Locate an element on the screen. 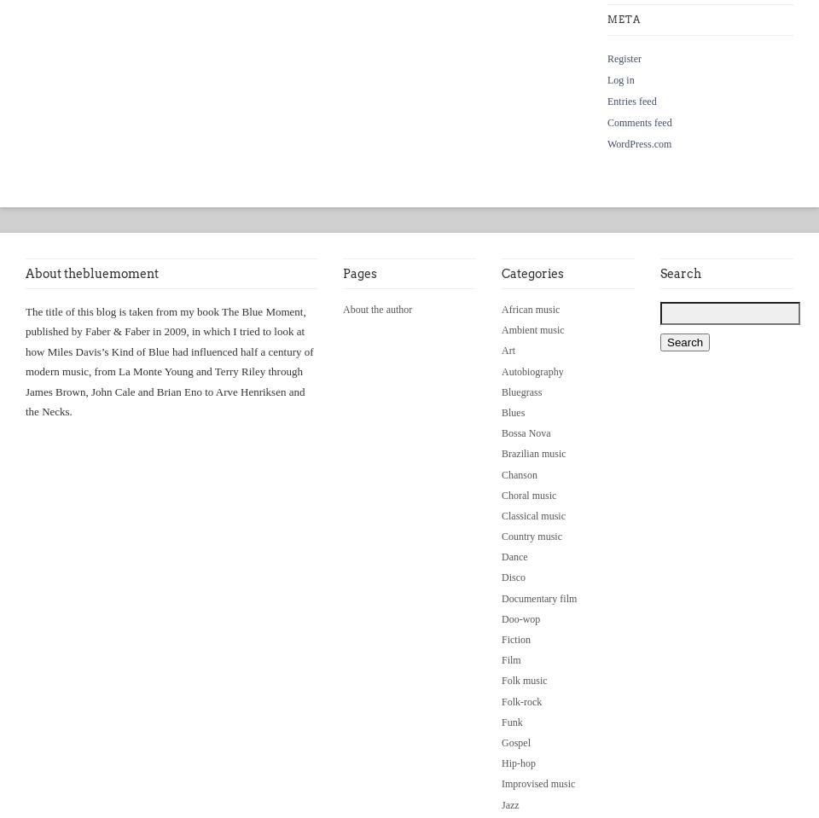 The width and height of the screenshot is (819, 818). 'Folk music' is located at coordinates (523, 680).